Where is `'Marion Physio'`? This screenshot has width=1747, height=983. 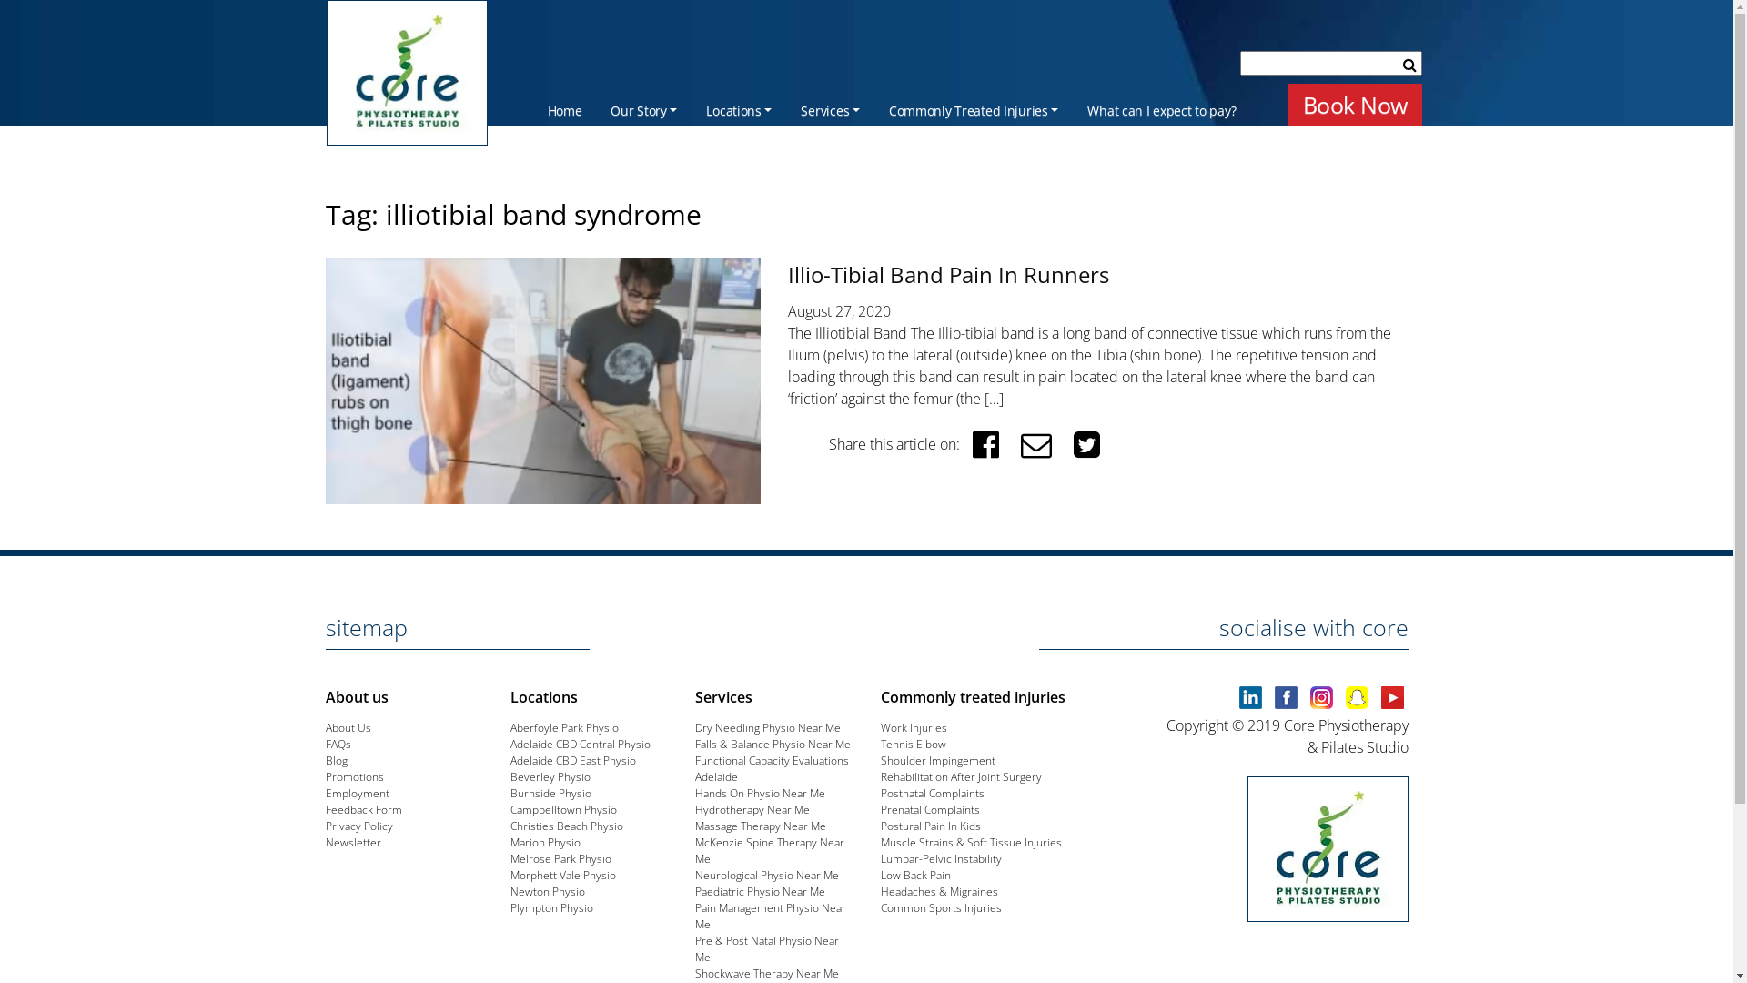 'Marion Physio' is located at coordinates (544, 842).